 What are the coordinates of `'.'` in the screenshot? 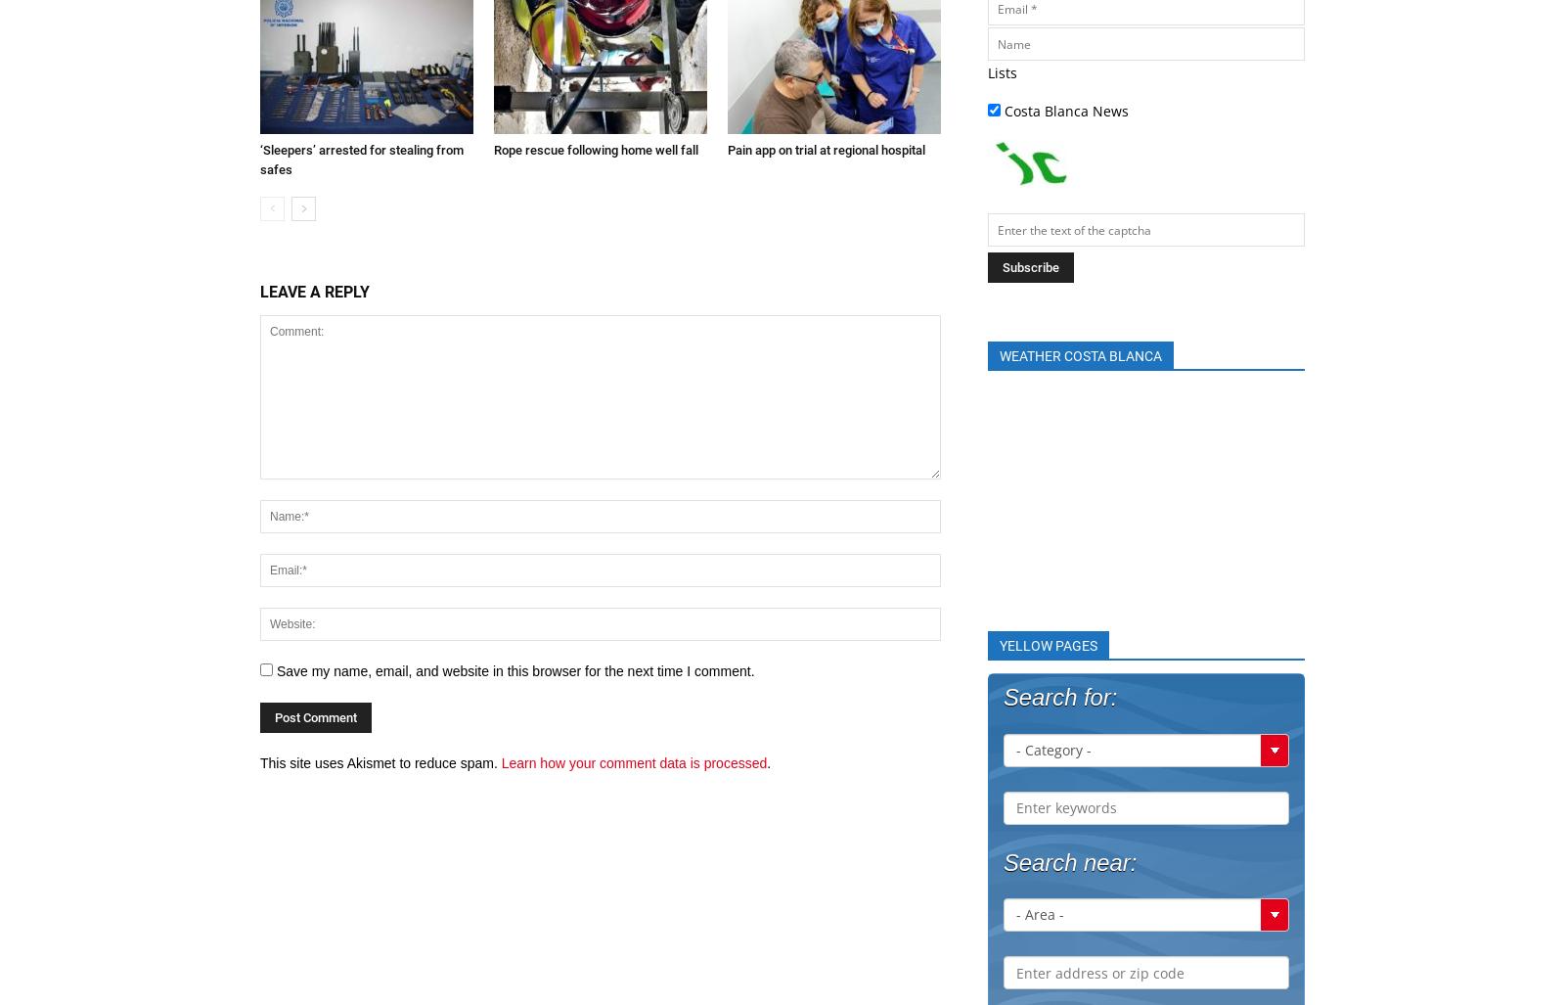 It's located at (768, 760).